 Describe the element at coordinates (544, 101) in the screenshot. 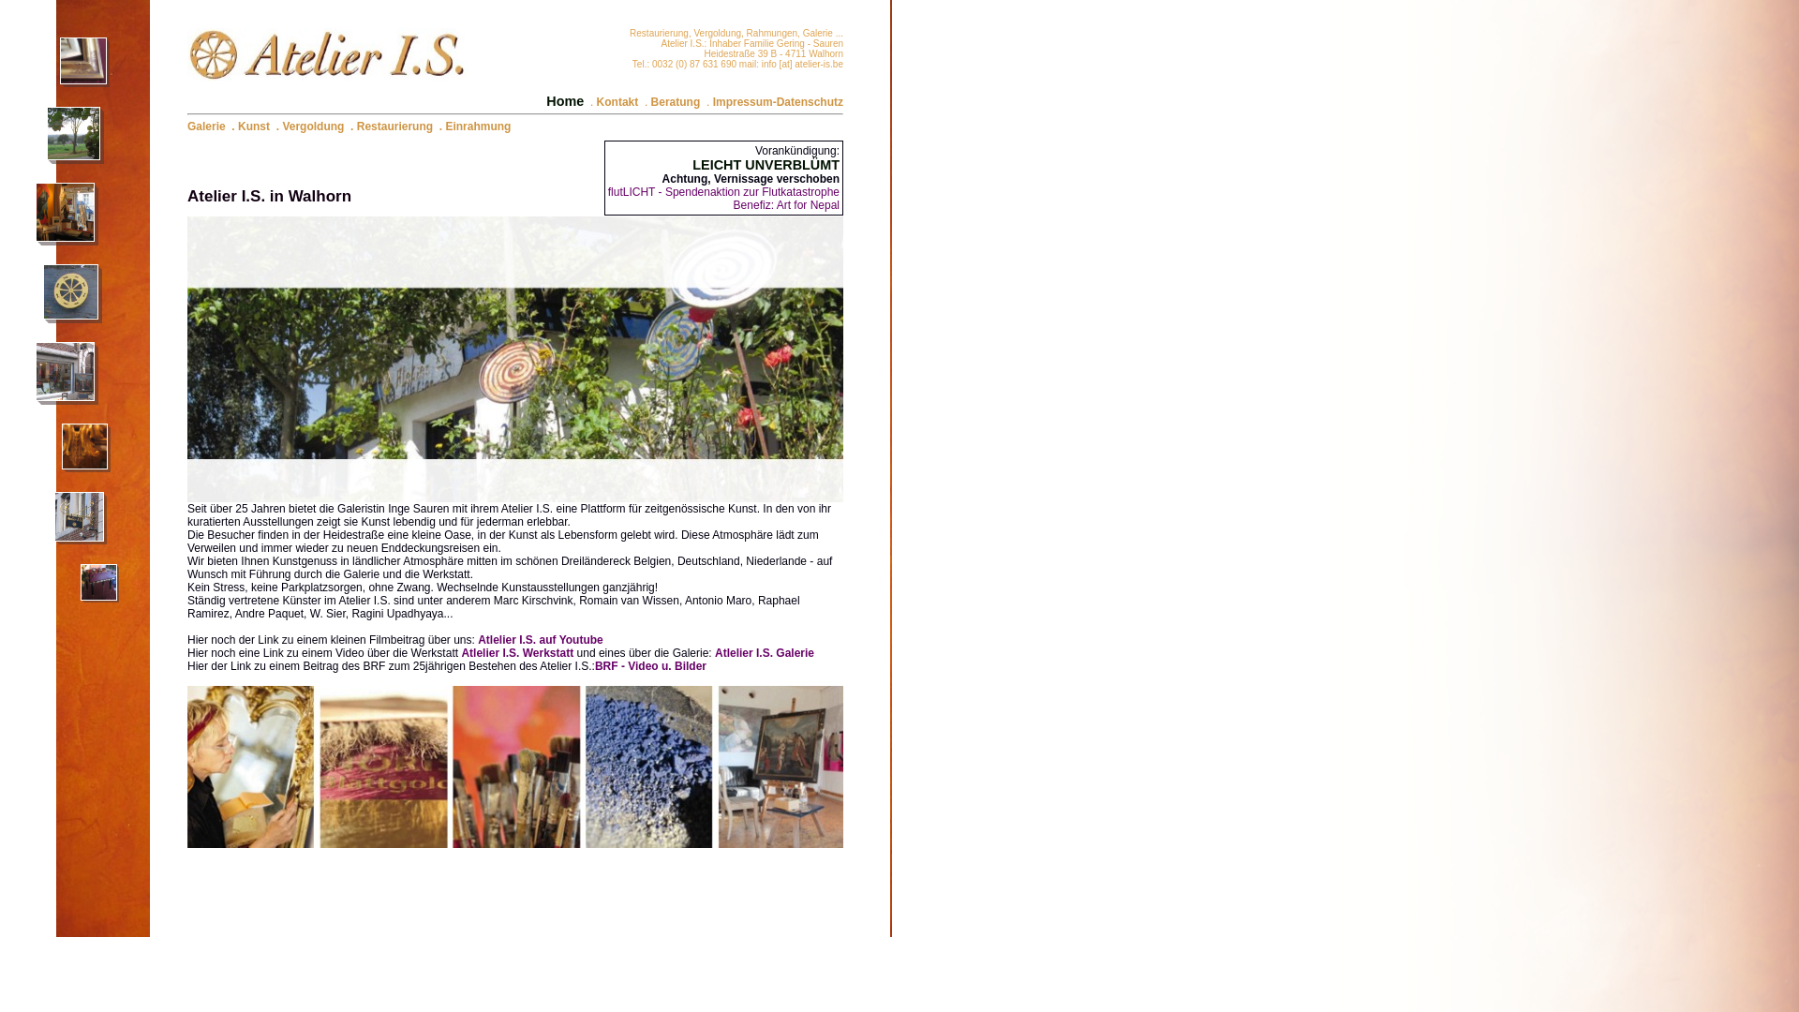

I see `'Home'` at that location.